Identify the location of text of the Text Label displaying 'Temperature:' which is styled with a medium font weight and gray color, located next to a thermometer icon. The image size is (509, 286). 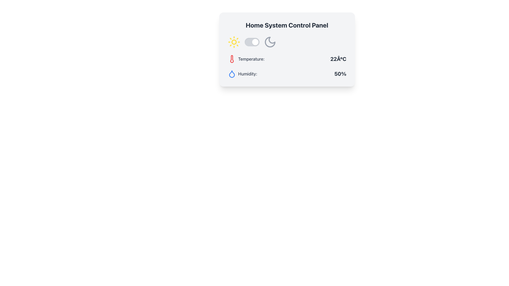
(251, 59).